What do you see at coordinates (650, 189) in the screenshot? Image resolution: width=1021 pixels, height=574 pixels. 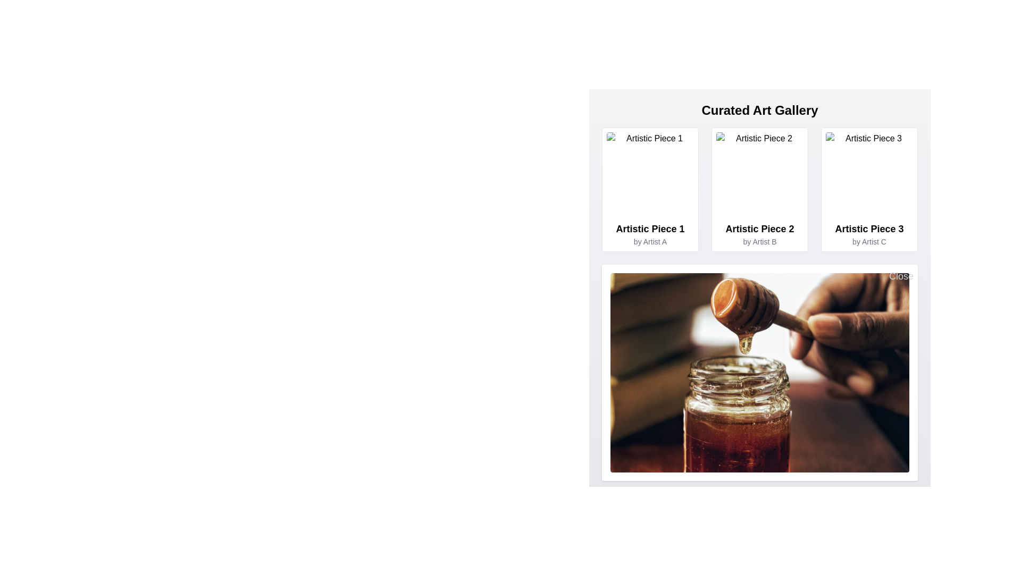 I see `the first card in the 'Curated Art Gallery' section` at bounding box center [650, 189].